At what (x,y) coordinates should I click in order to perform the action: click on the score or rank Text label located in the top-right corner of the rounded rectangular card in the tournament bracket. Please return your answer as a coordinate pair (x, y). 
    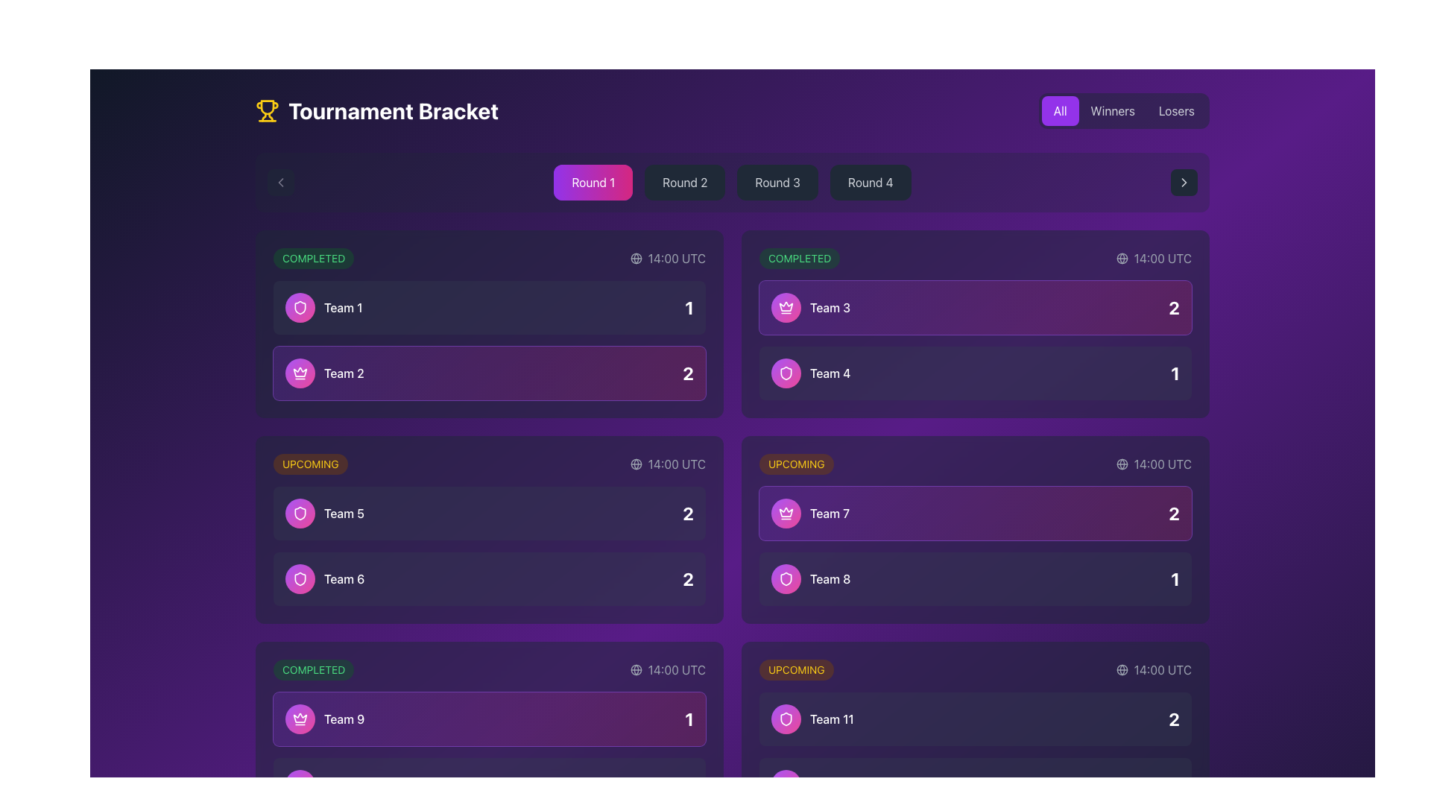
    Looking at the image, I should click on (1173, 306).